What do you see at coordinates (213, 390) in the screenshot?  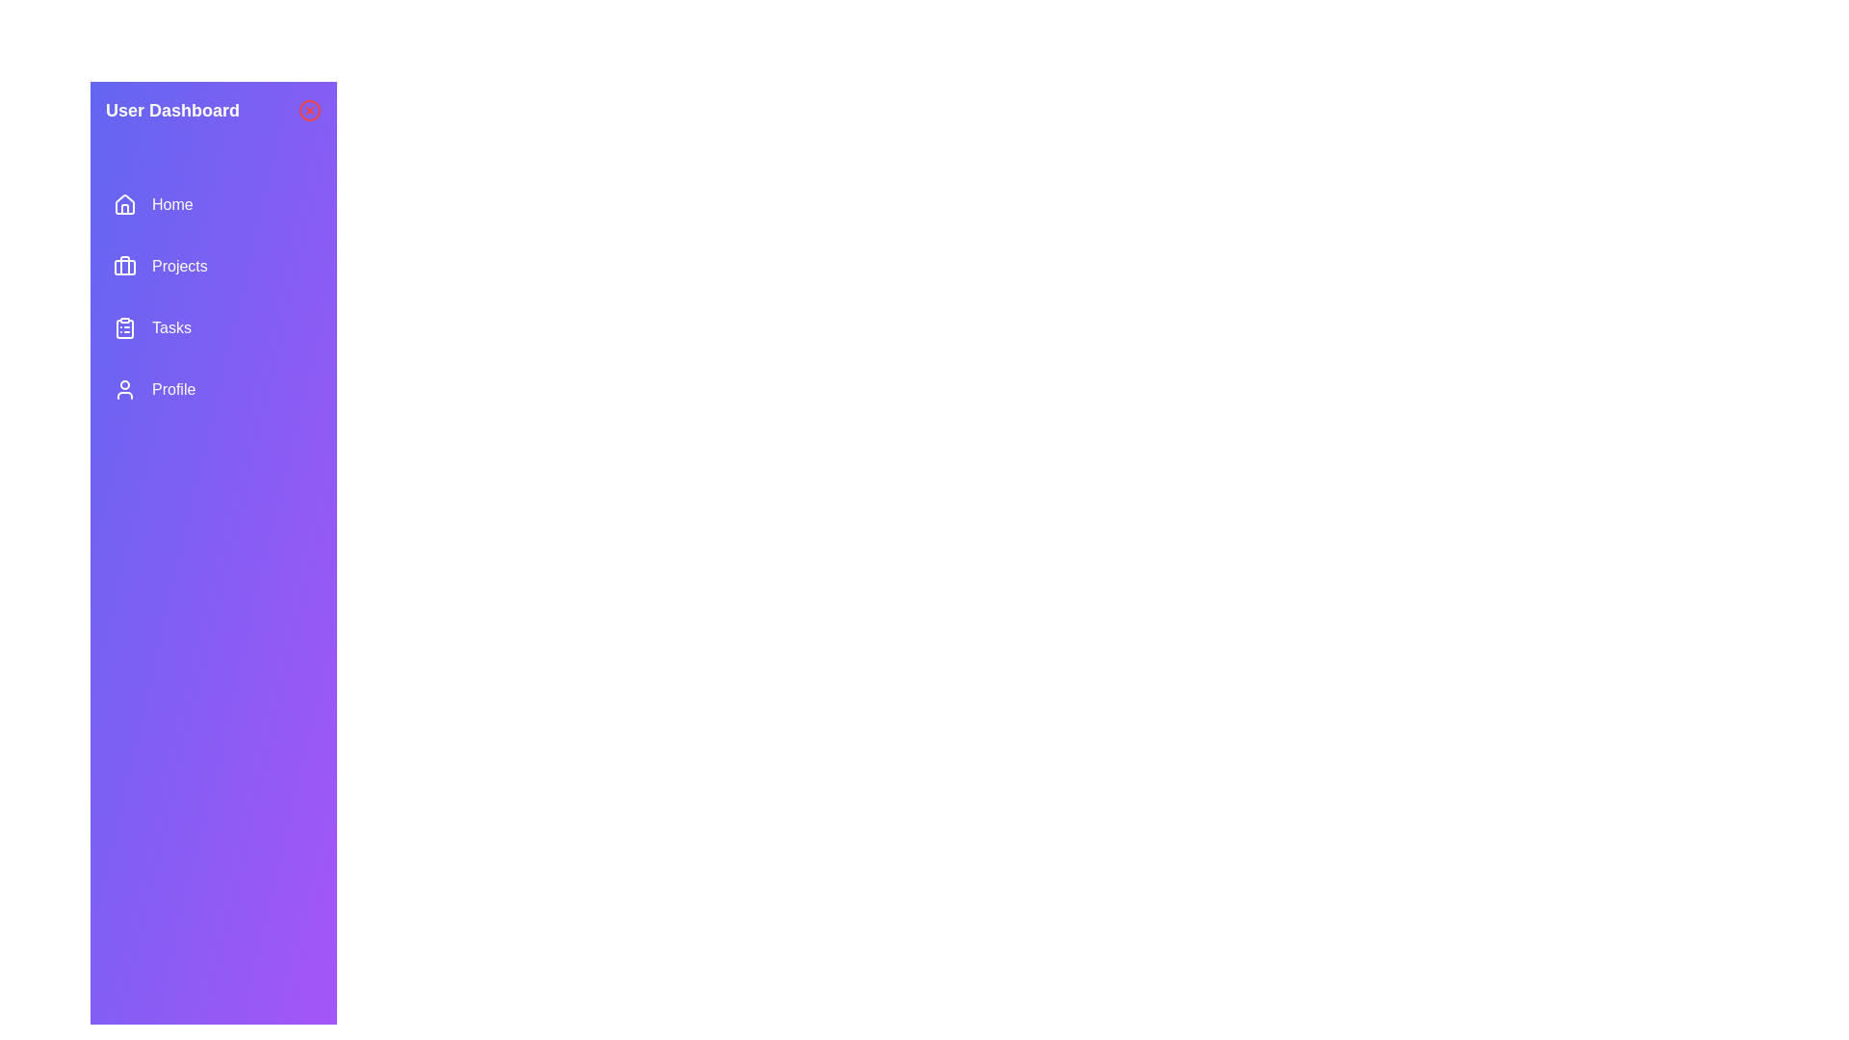 I see `the fourth menu item in the vertical sidebar list` at bounding box center [213, 390].